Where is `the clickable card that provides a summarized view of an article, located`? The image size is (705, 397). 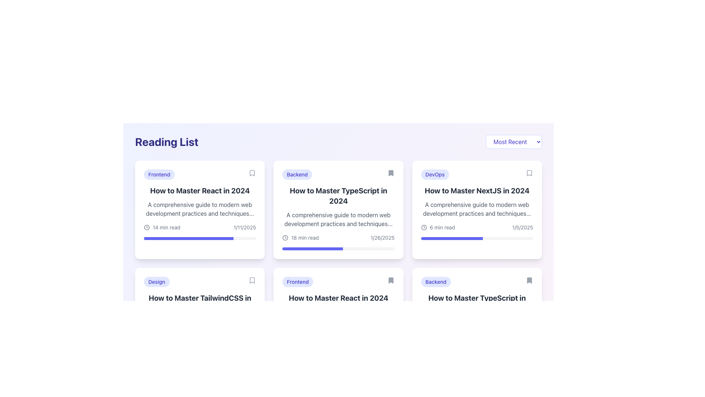 the clickable card that provides a summarized view of an article, located is located at coordinates (338, 210).